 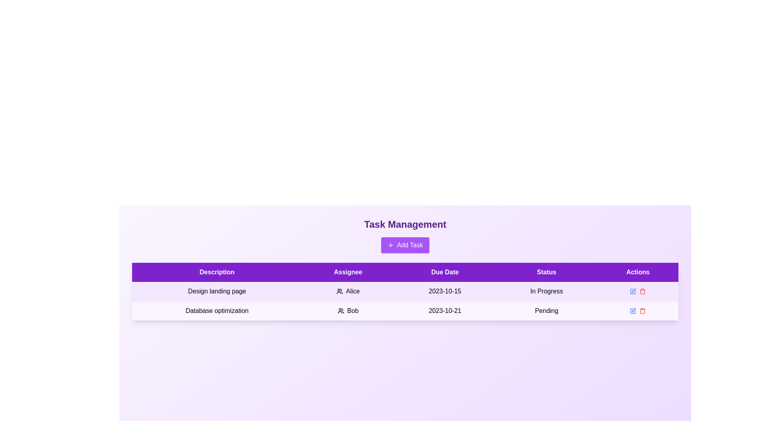 I want to click on the text label indicating the current status of a task as 'Pending' located in the second row of the table under the 'Status' column, so click(x=546, y=310).